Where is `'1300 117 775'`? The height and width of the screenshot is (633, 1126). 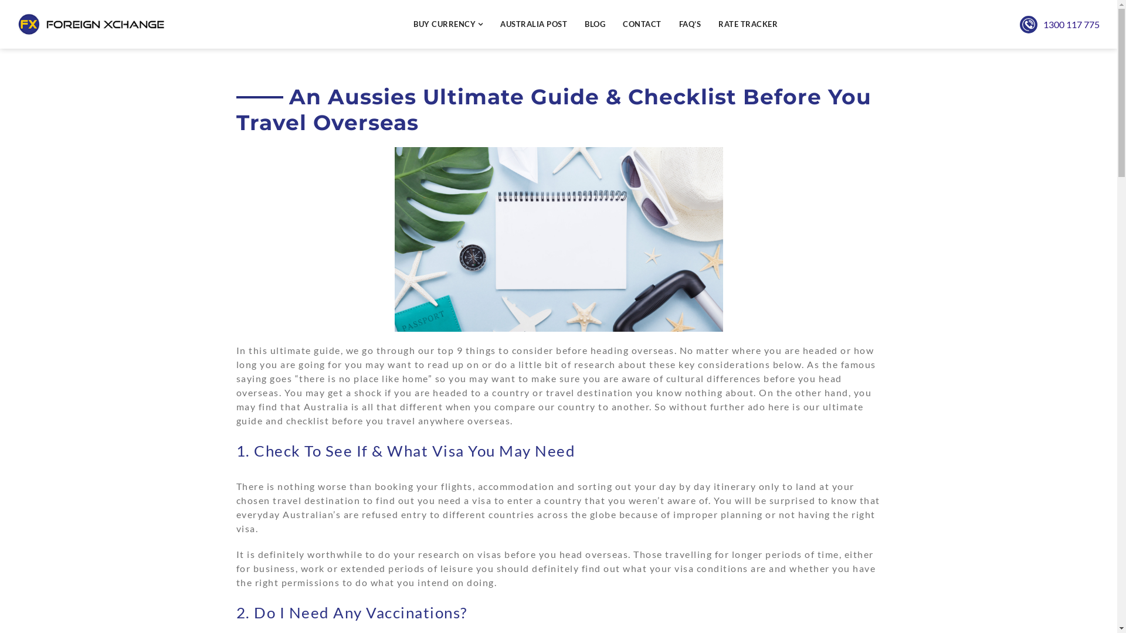 '1300 117 775' is located at coordinates (1043, 24).